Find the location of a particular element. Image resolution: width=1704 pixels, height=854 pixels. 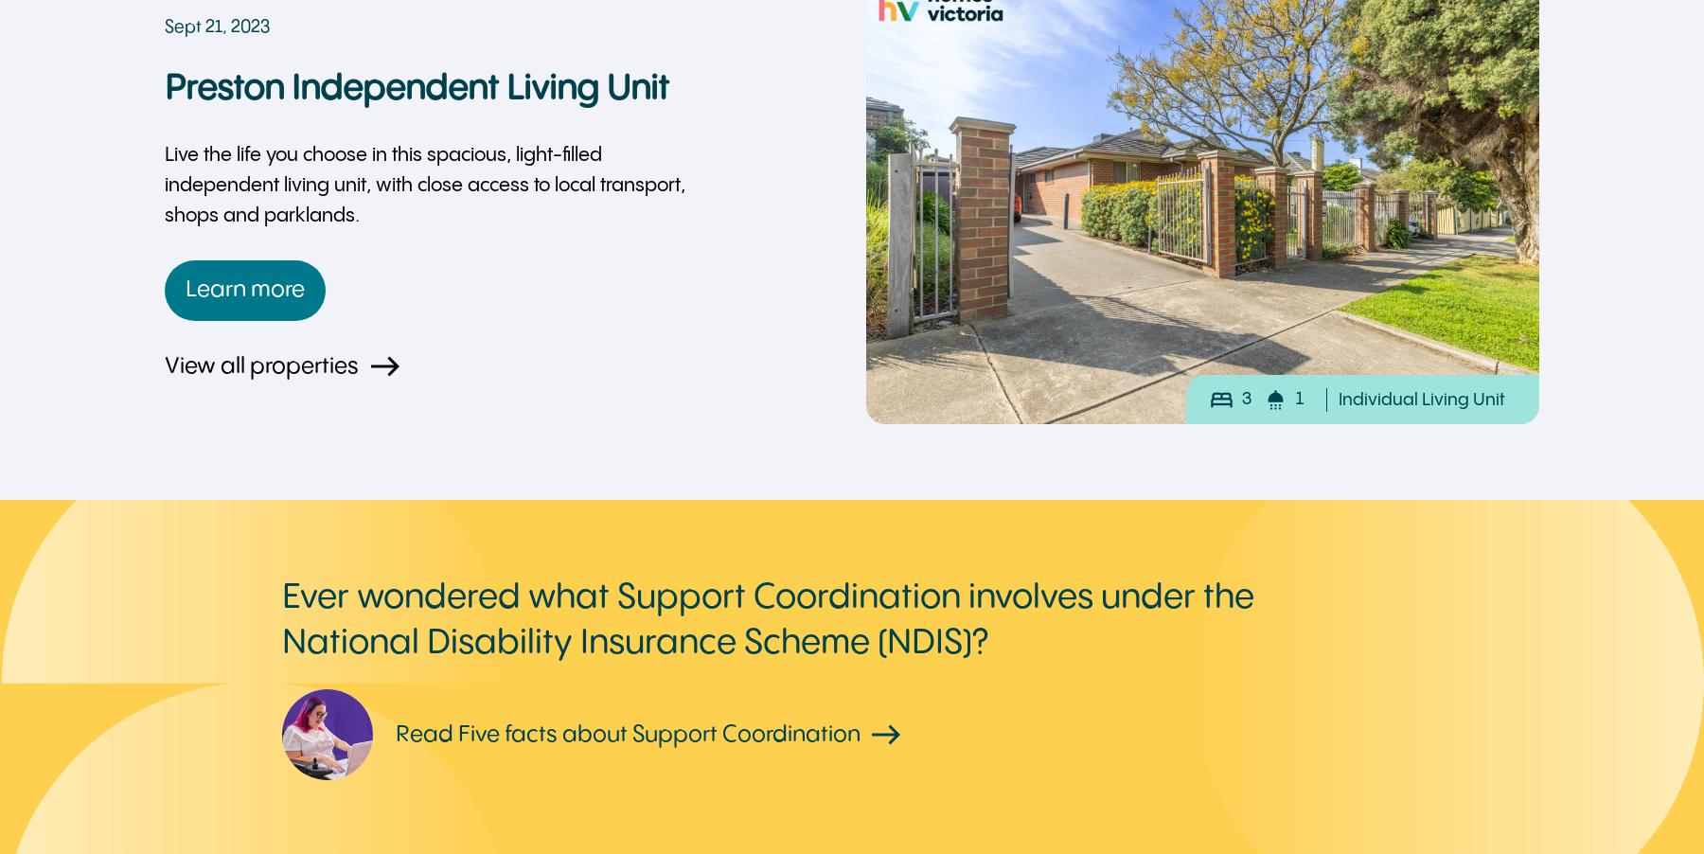

'Preston Independent Living Unit' is located at coordinates (417, 89).